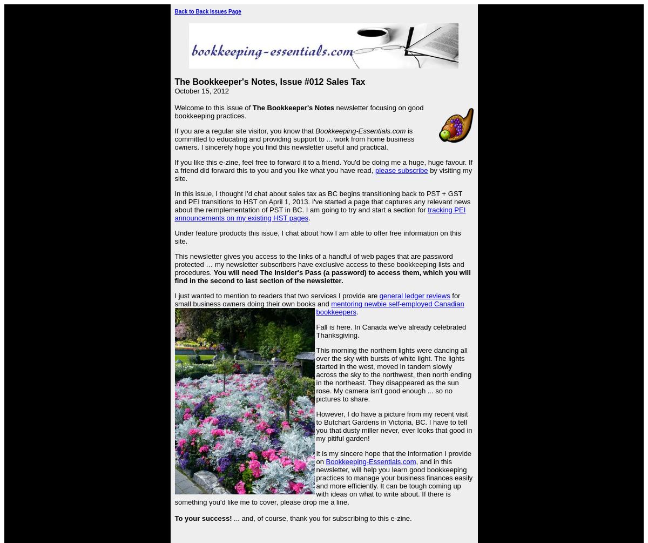 The image size is (648, 543). Describe the element at coordinates (315, 374) in the screenshot. I see `'This morning the northern lights were dancing all over the sky with bursts of white light. The lights started in the west, moved in tandem slowly across the sky to the northwest, then north ending in the northeast. They disappeared as the sun rose. My camera isn't good enough ... so no pictures to share.'` at that location.